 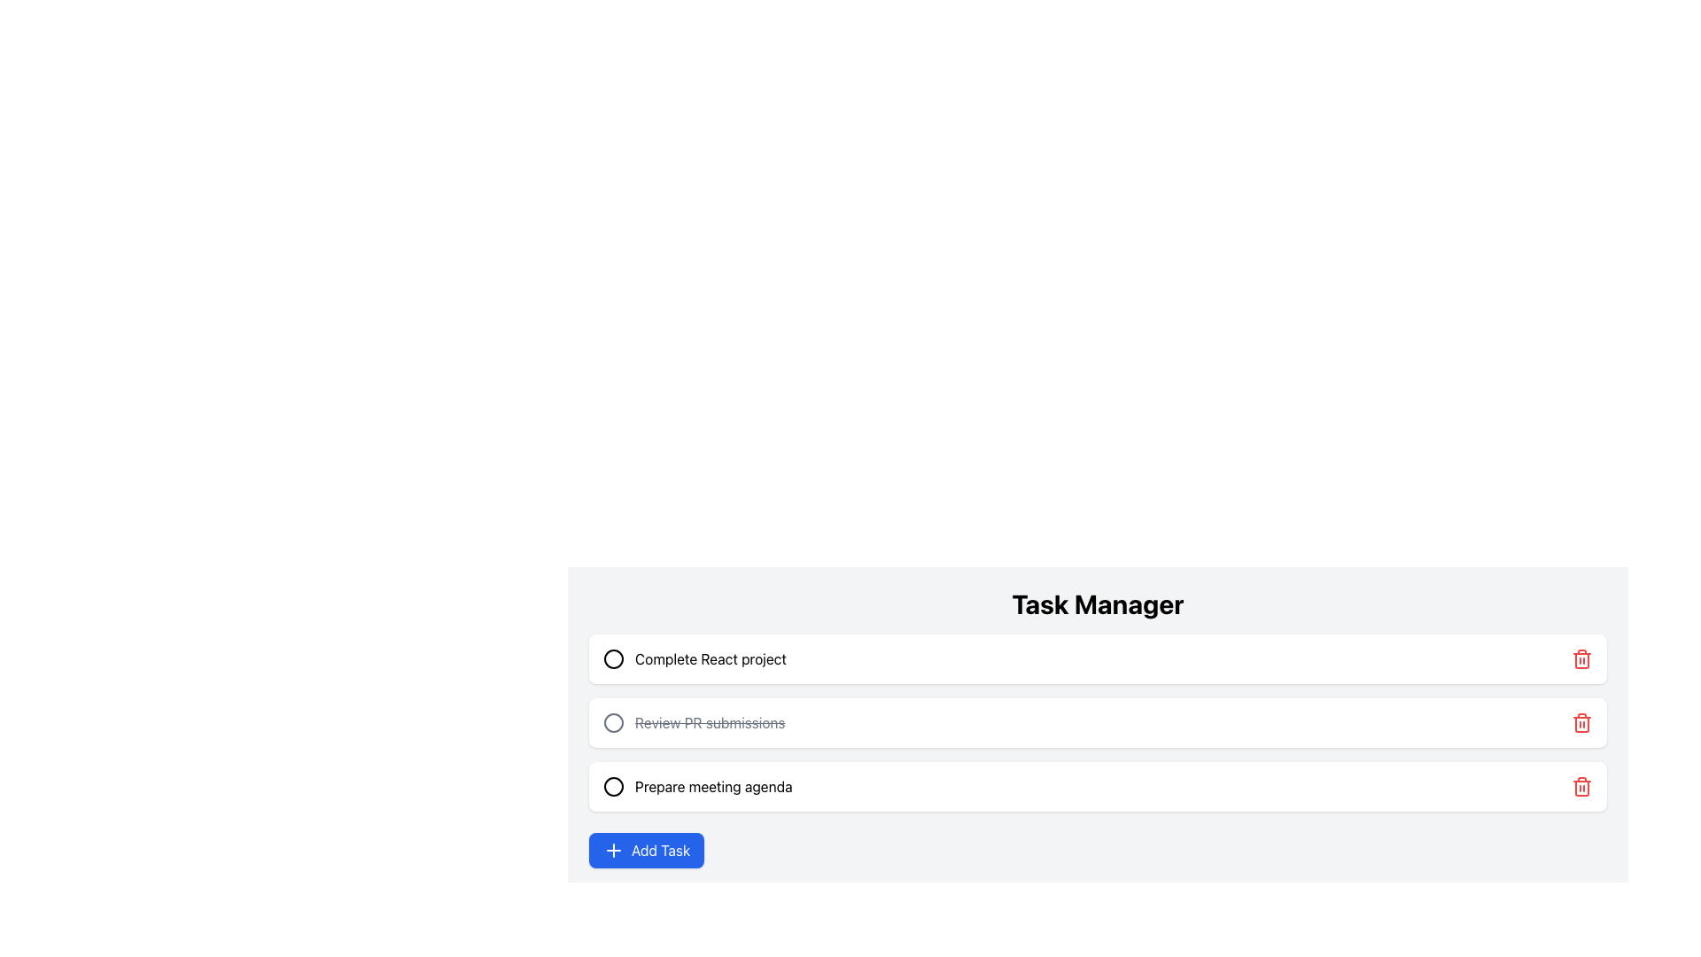 What do you see at coordinates (613, 785) in the screenshot?
I see `the Circle icon that serves as a completion marker for the task 'Prepare meeting agenda'` at bounding box center [613, 785].